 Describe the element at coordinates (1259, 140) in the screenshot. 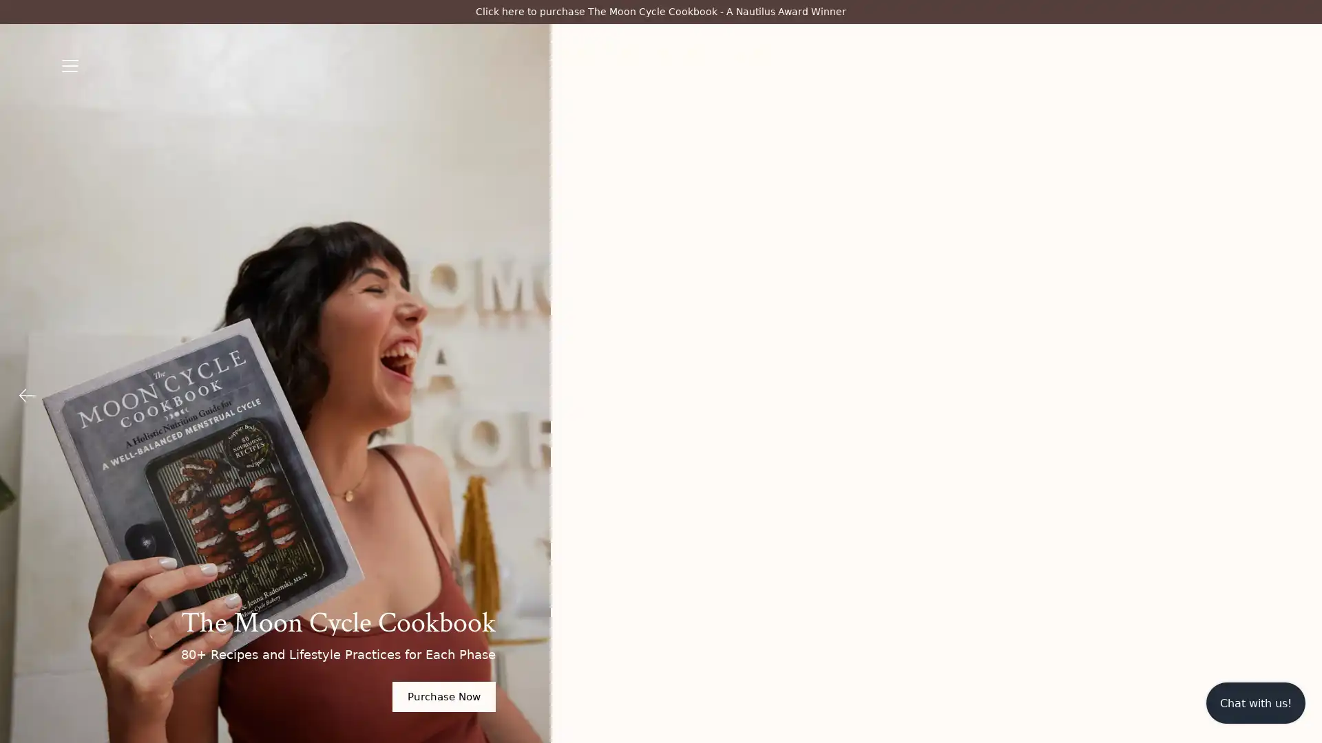

I see `Close` at that location.